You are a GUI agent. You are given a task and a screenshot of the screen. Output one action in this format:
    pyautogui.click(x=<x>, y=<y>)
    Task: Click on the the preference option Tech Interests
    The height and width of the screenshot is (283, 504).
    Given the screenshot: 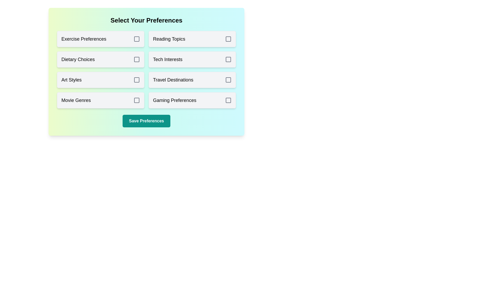 What is the action you would take?
    pyautogui.click(x=192, y=59)
    